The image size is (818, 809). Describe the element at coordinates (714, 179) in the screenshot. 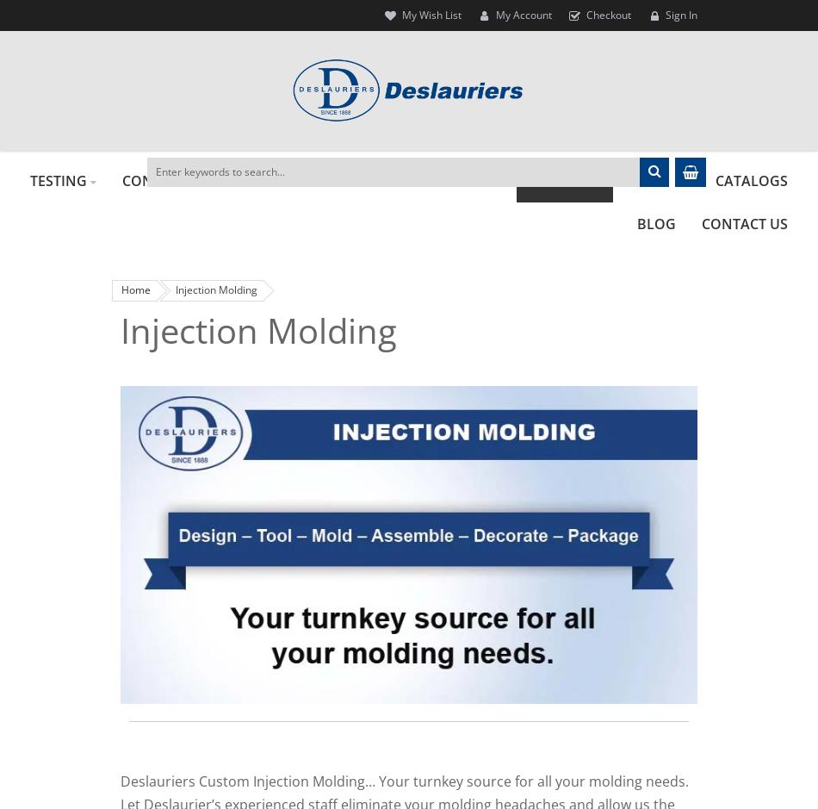

I see `'CATALOGS'` at that location.